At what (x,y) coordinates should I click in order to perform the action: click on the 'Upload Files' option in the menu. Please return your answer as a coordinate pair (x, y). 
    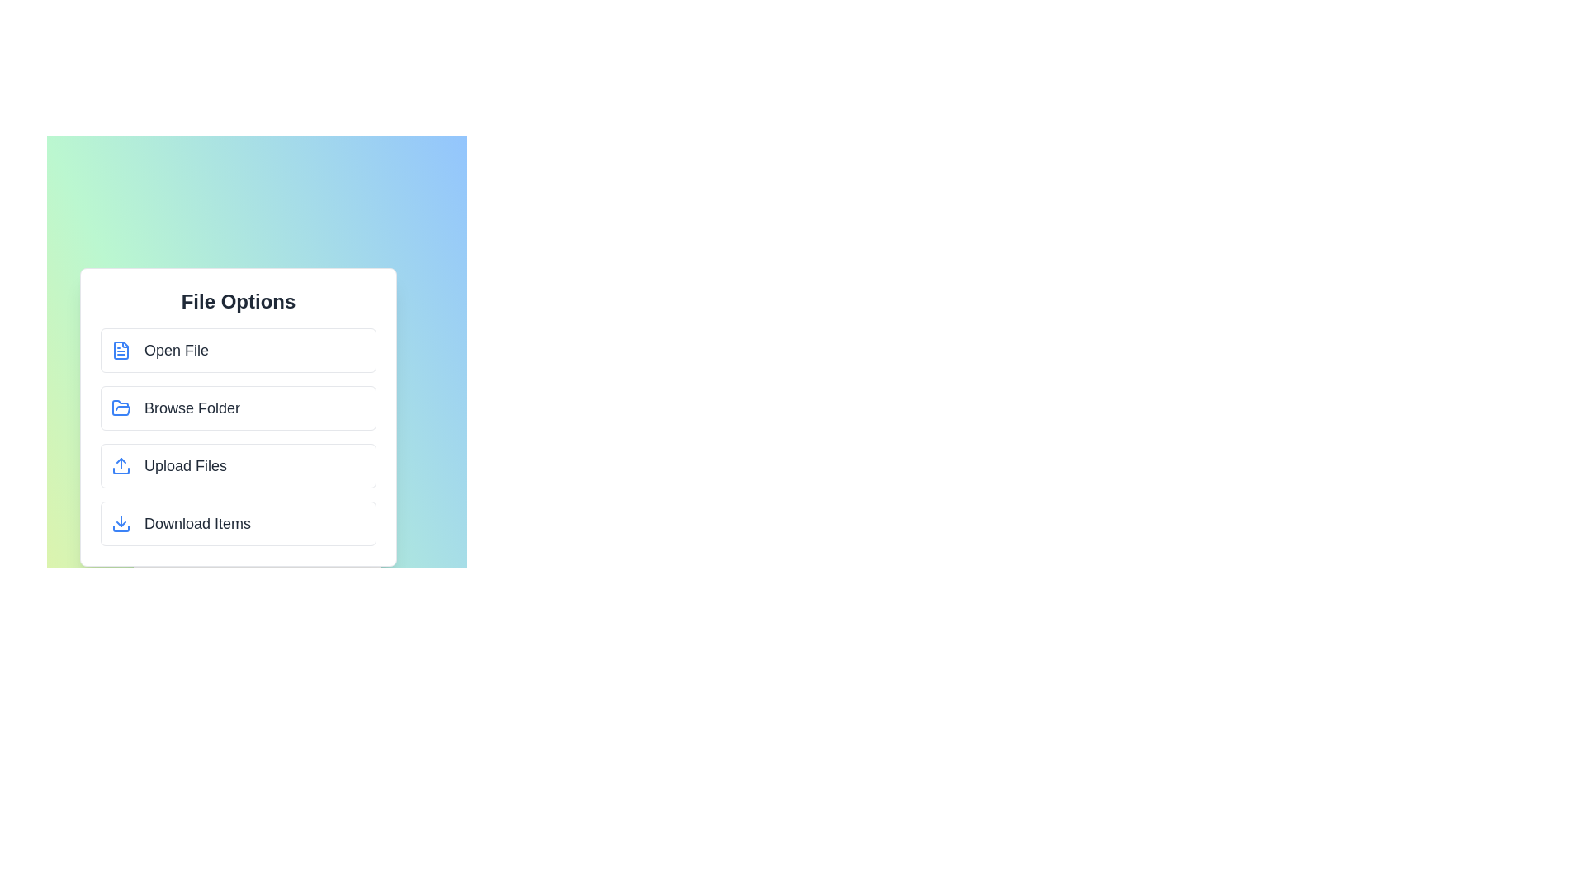
    Looking at the image, I should click on (237, 465).